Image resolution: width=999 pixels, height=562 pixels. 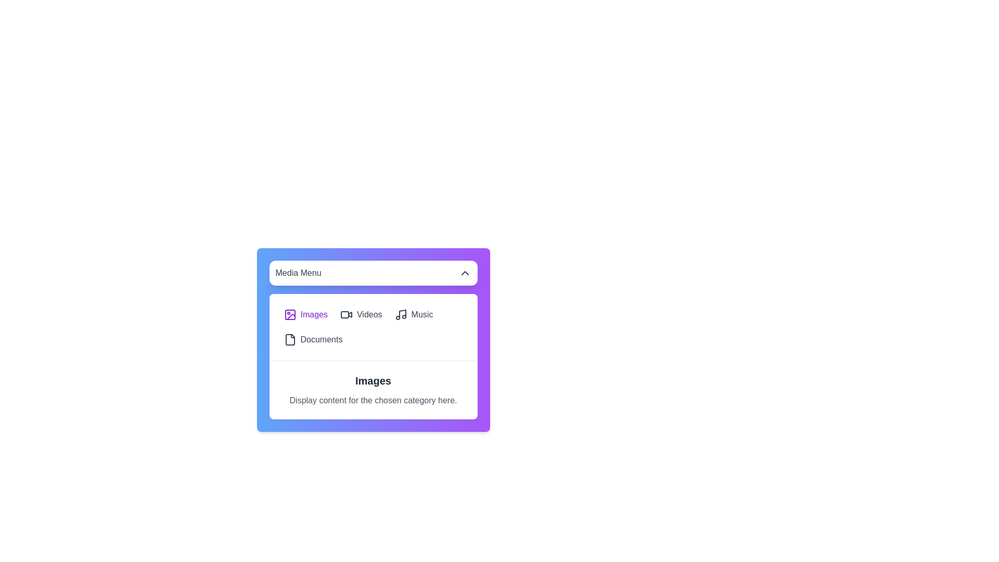 I want to click on the content display area that informs users about the current selection 'Images' and provides associated details or instructions, so click(x=373, y=390).